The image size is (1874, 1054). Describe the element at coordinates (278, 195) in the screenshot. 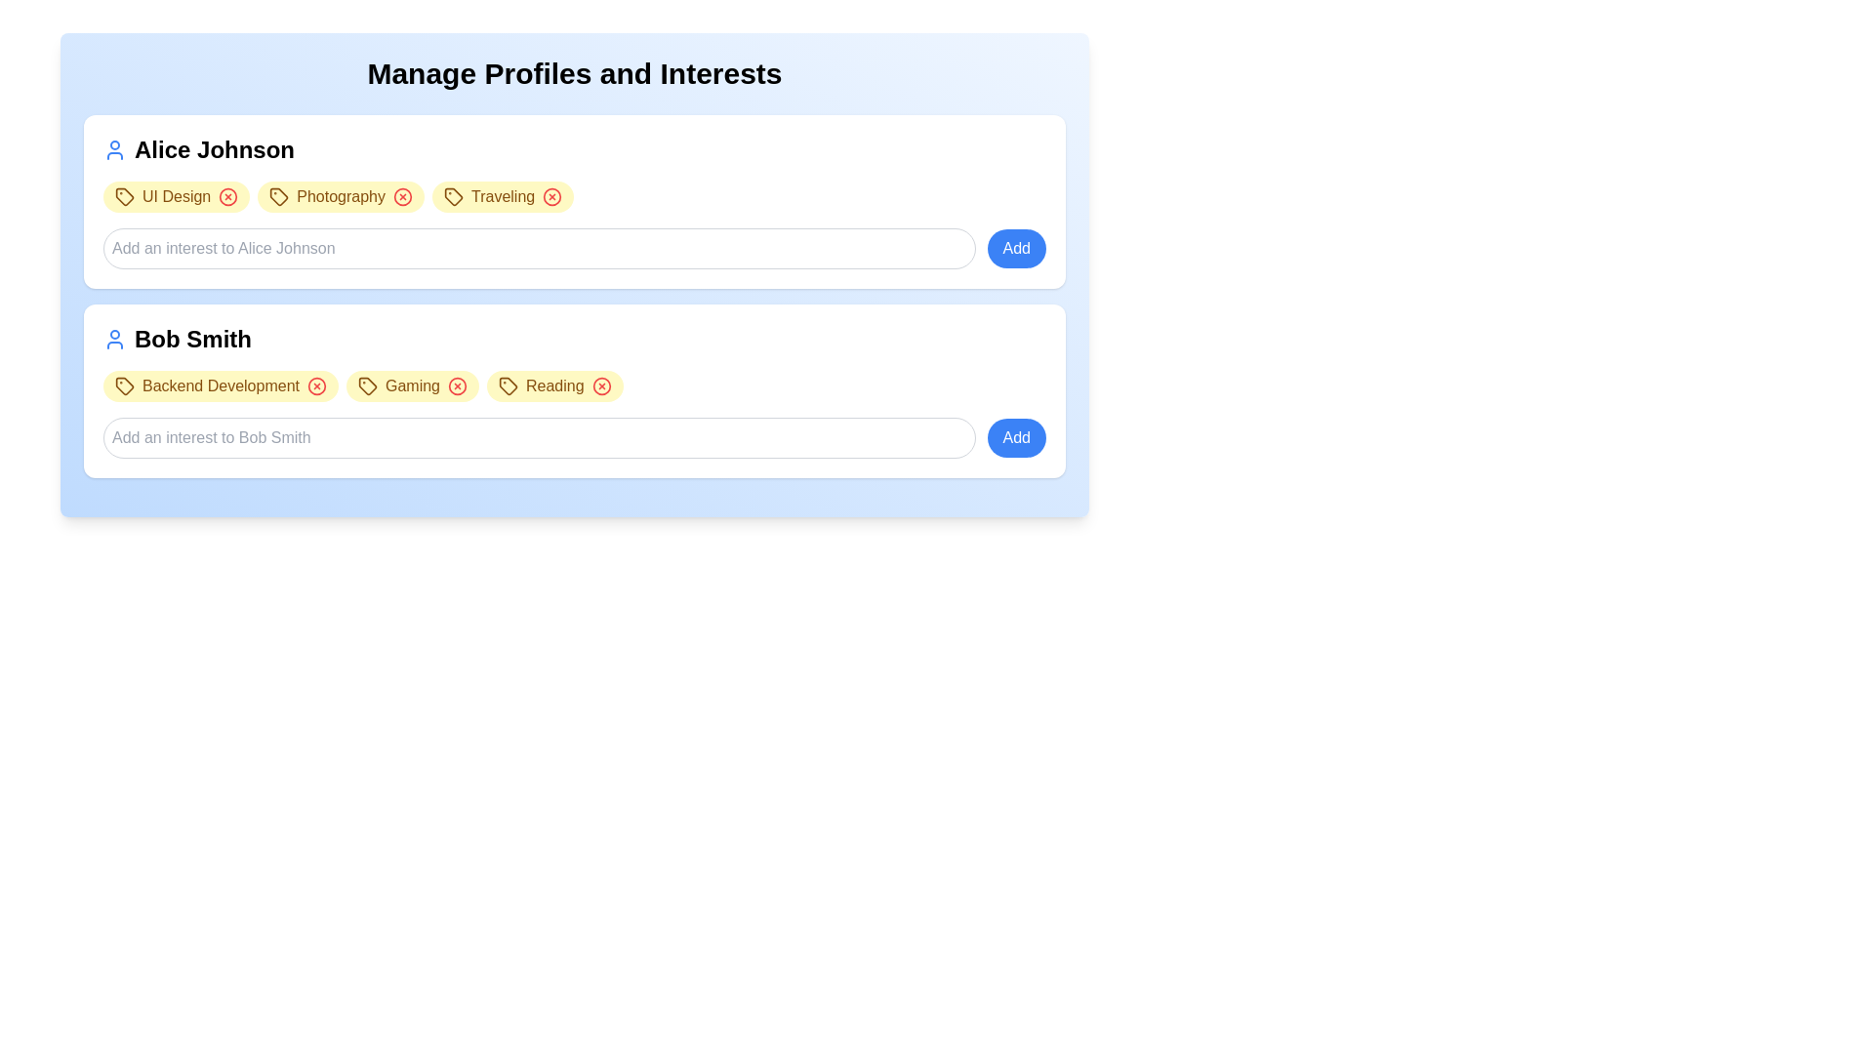

I see `the tag icon with a yellow background located beside the 'Photography' label under the 'Alice Johnson' section, which is the second tag from the left` at that location.